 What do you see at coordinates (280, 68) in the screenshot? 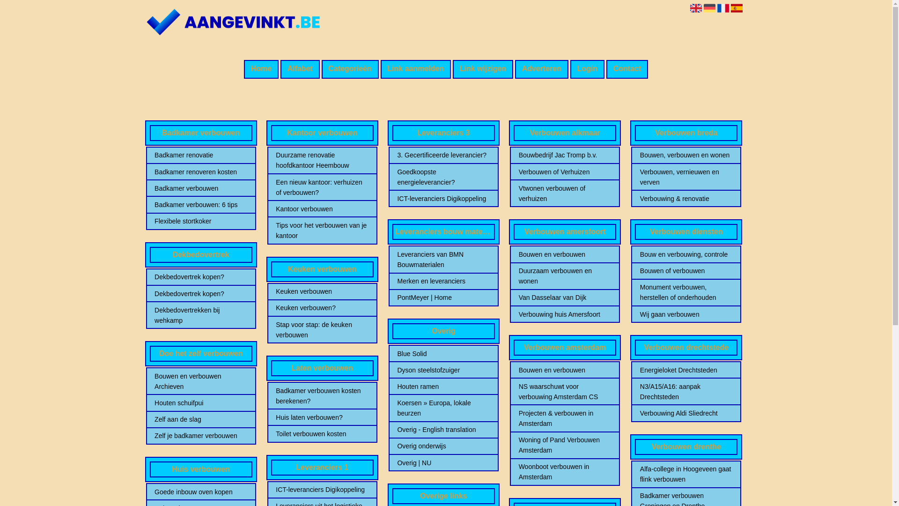
I see `'Alfabet'` at bounding box center [280, 68].